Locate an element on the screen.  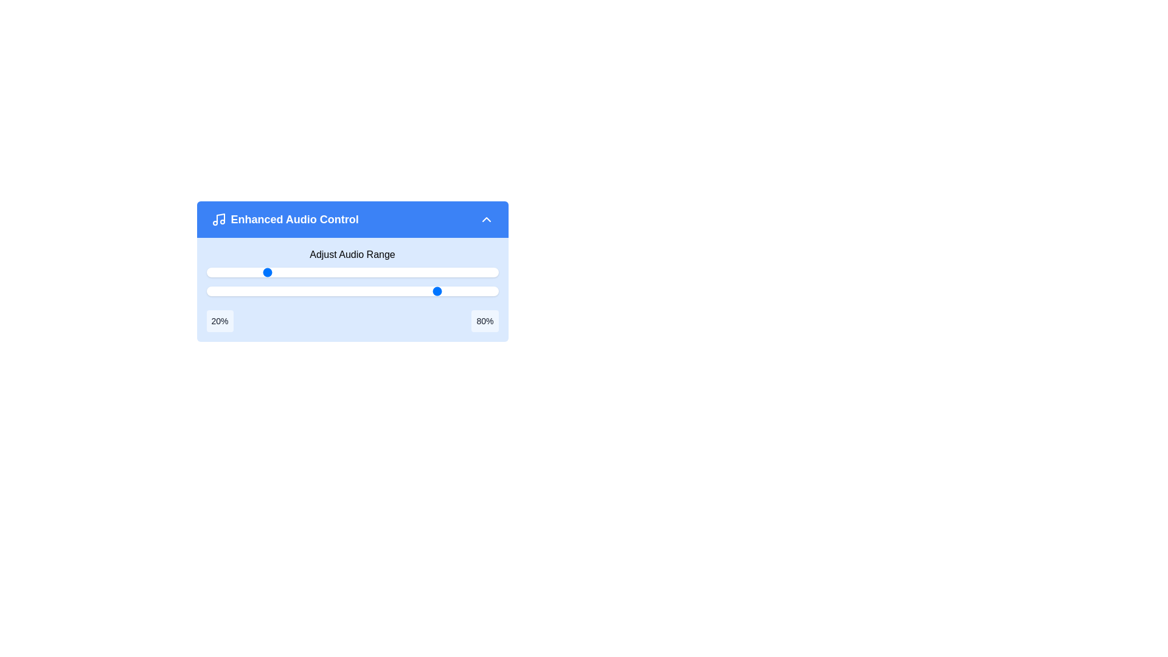
the central text label indicating audio enhancements, which is located to the right of a musical note icon is located at coordinates (294, 220).